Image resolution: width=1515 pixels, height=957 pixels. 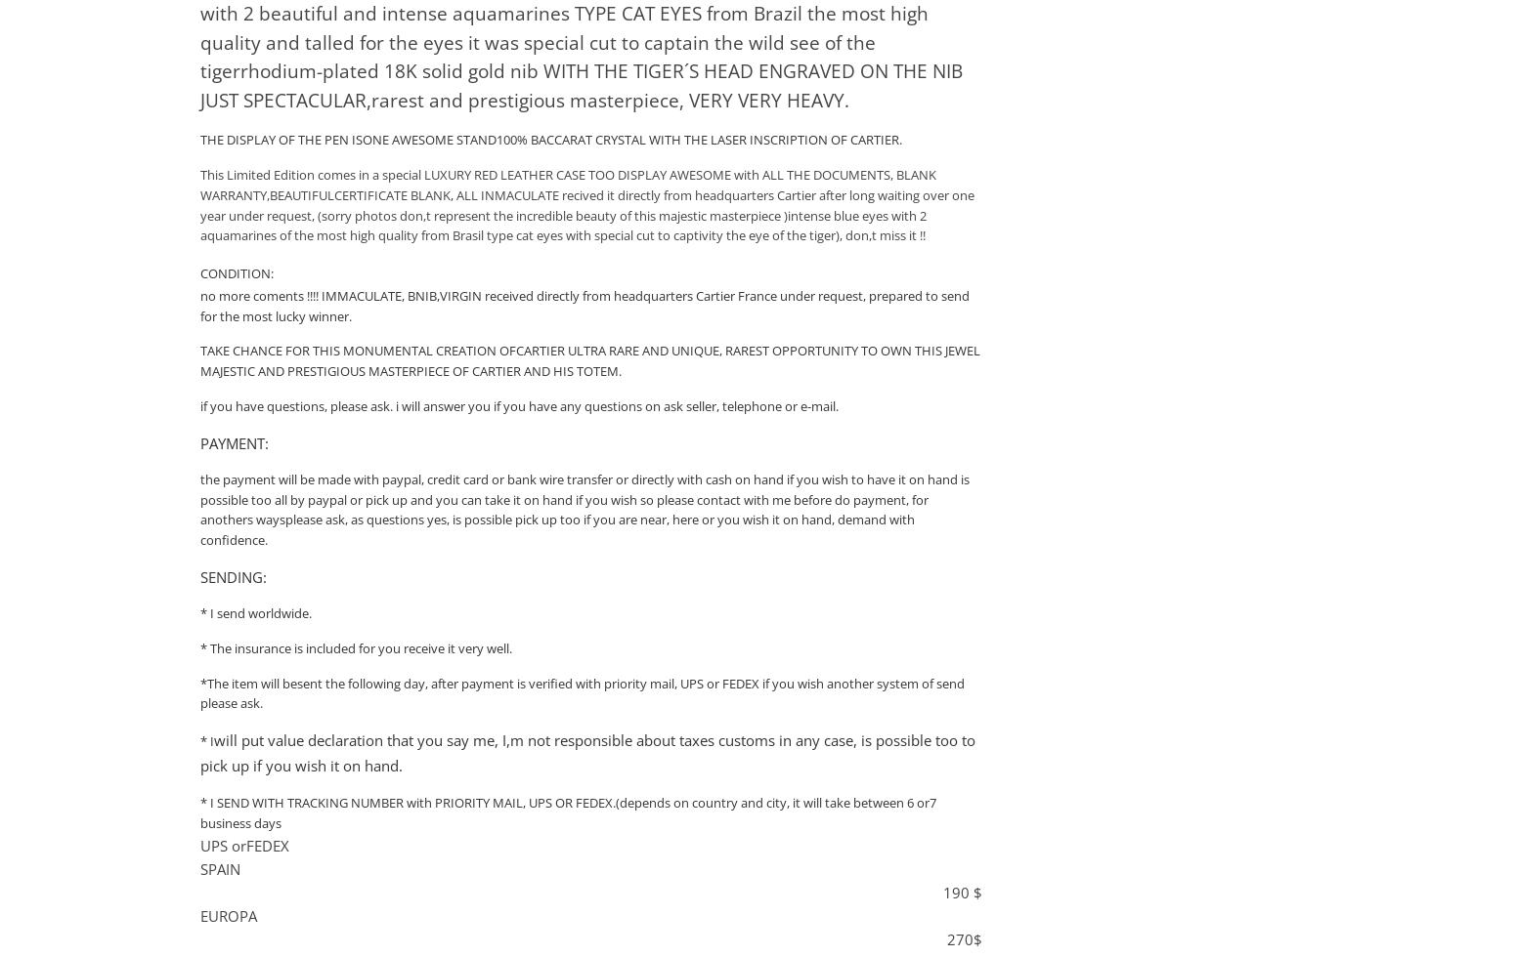 What do you see at coordinates (518, 405) in the screenshot?
I see `'if you have questions, please ask. i will answer you if you have any questions on ask seller, telephone or e-mail.'` at bounding box center [518, 405].